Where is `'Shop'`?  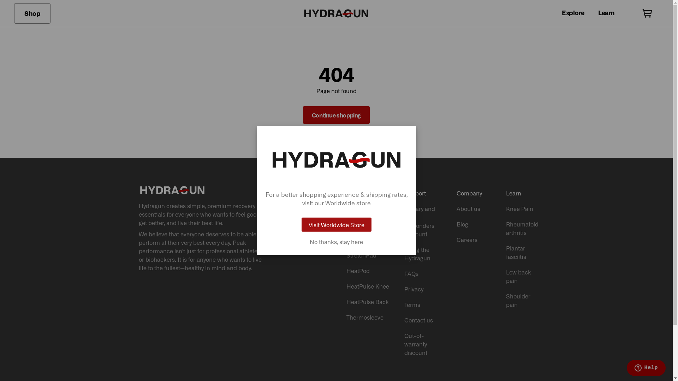 'Shop' is located at coordinates (32, 13).